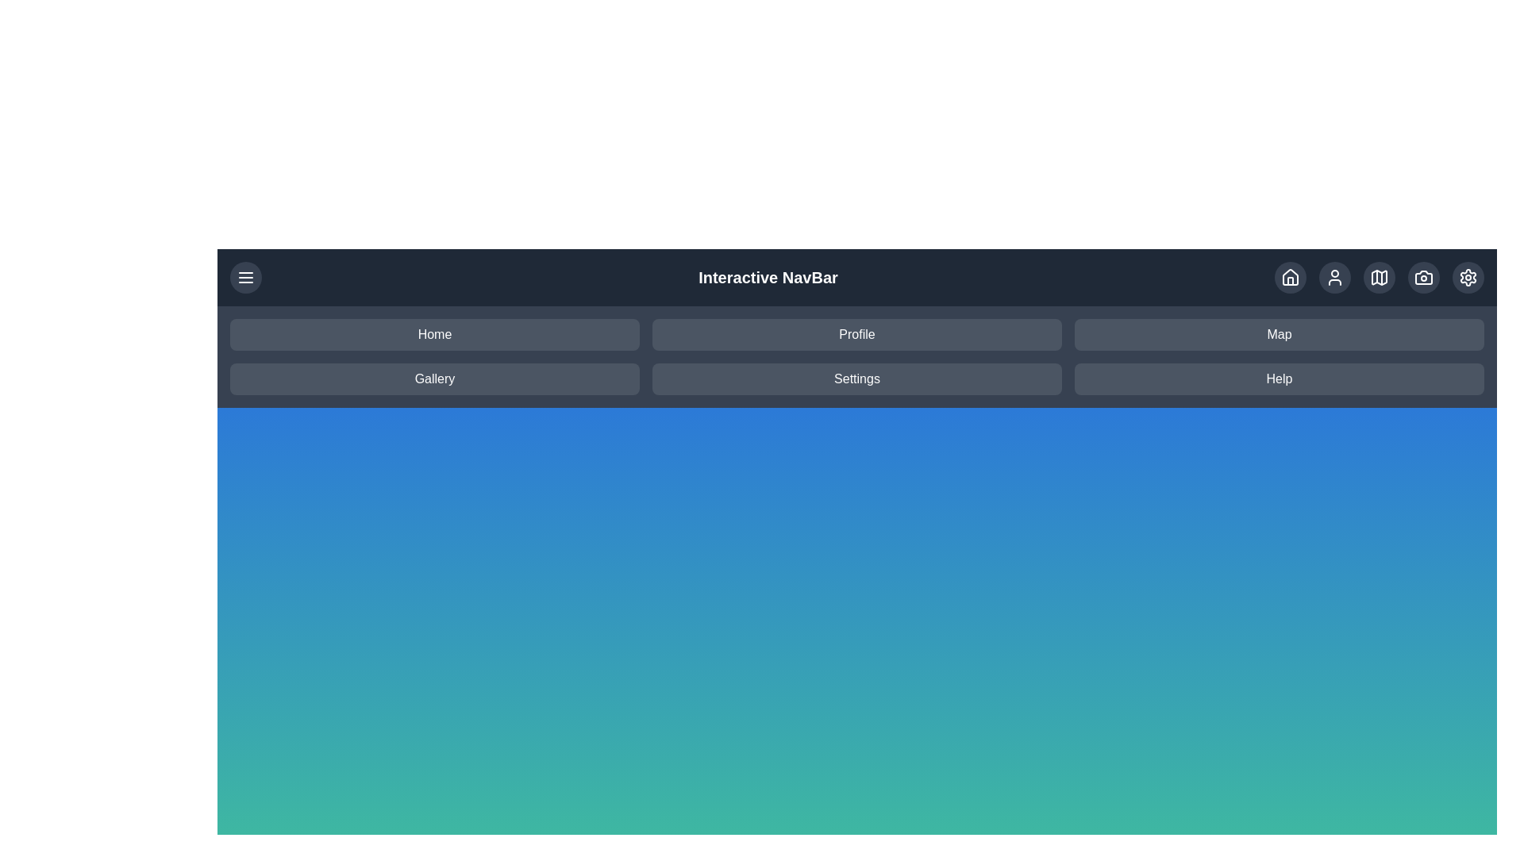 The width and height of the screenshot is (1524, 857). Describe the element at coordinates (1424, 277) in the screenshot. I see `the Camera icon in the action bar` at that location.